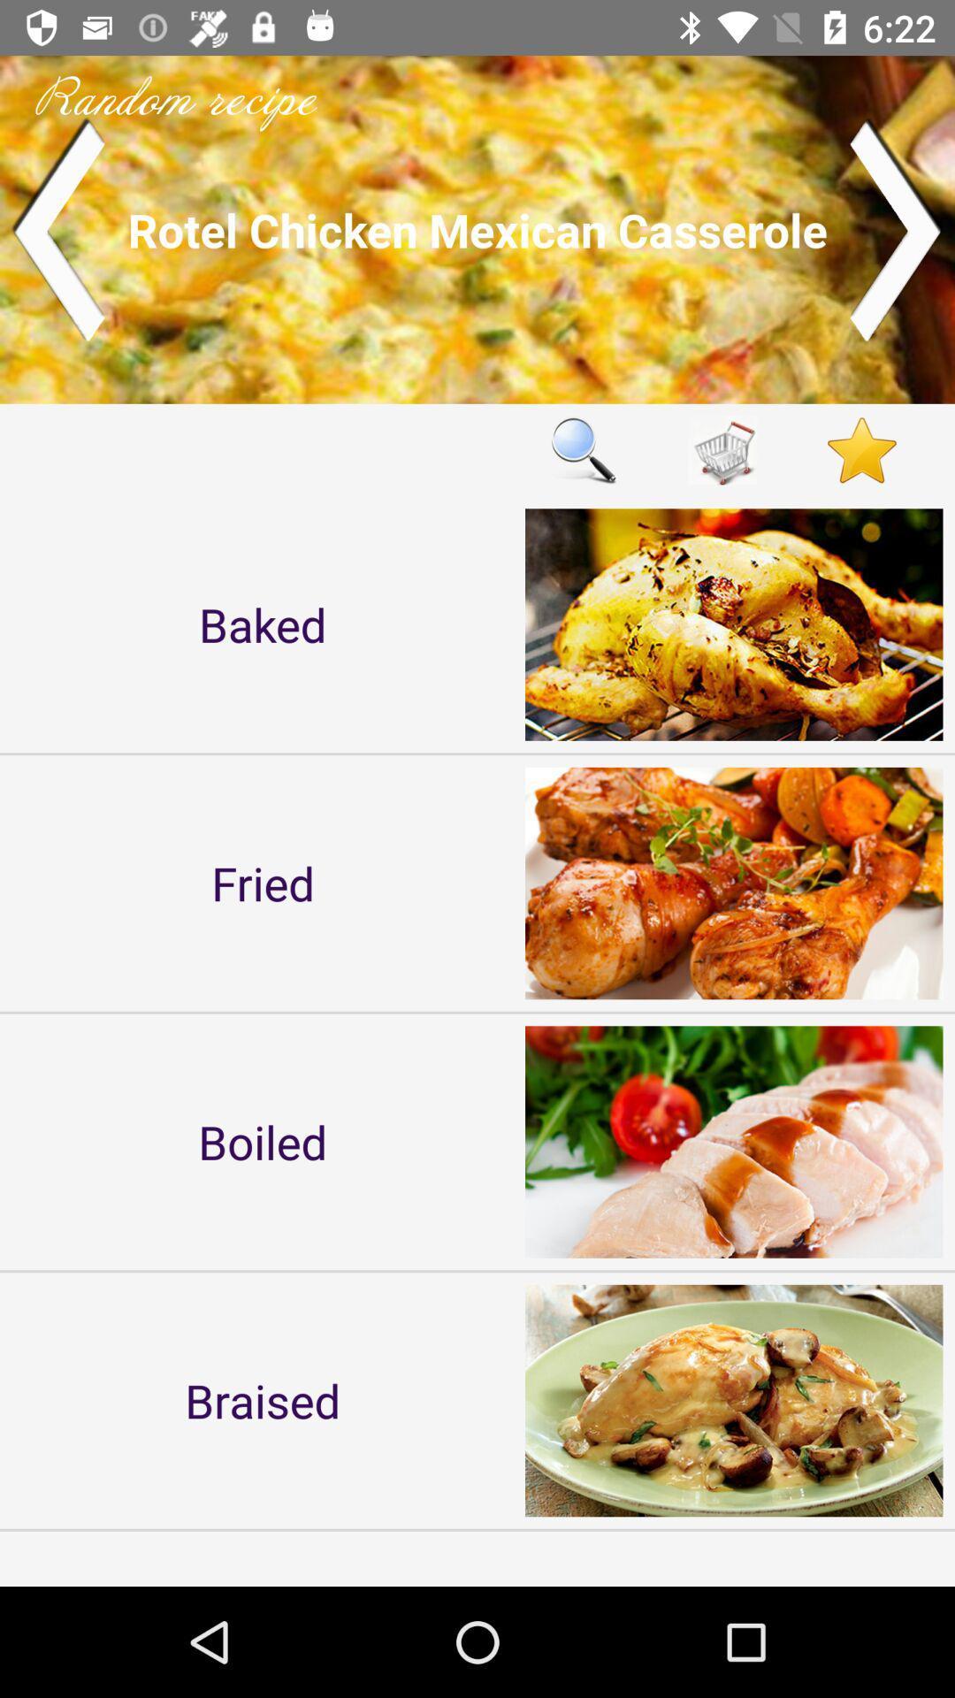 This screenshot has width=955, height=1698. I want to click on item above the fried item, so click(263, 624).